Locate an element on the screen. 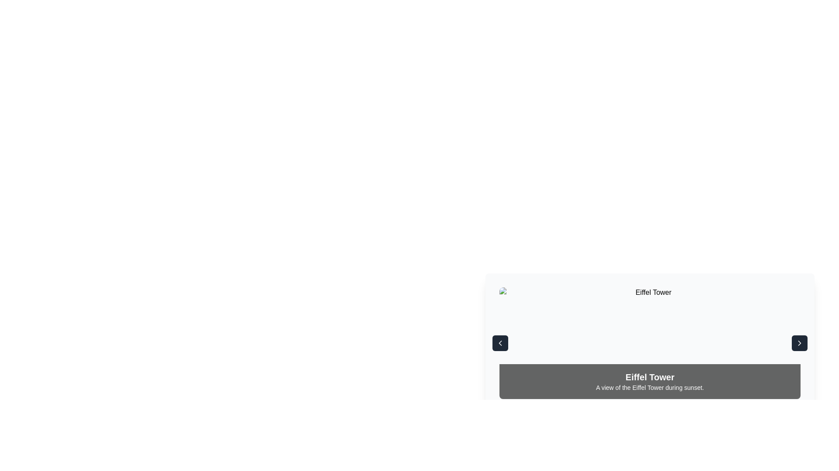  the small chevron icon with a light gray stroke on a dark background is located at coordinates (799, 342).